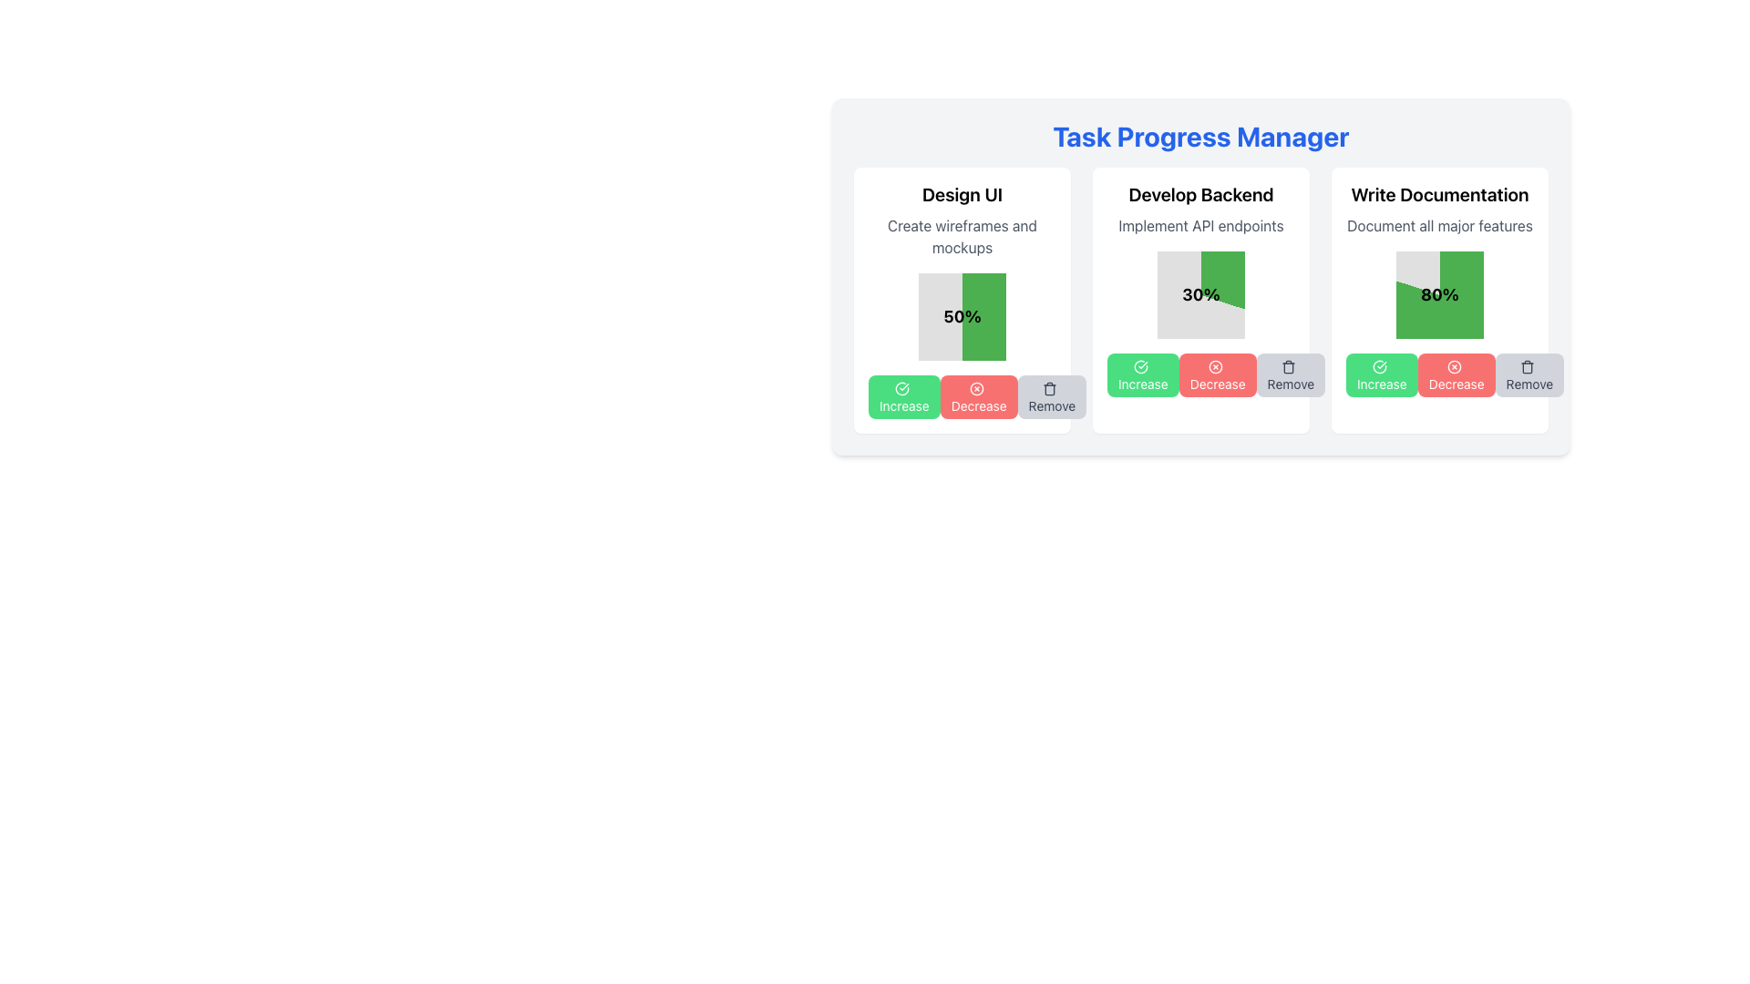 The image size is (1750, 984). Describe the element at coordinates (1052, 395) in the screenshot. I see `the 'Remove' button, a rectangular button with a light gray background and dark gray text` at that location.